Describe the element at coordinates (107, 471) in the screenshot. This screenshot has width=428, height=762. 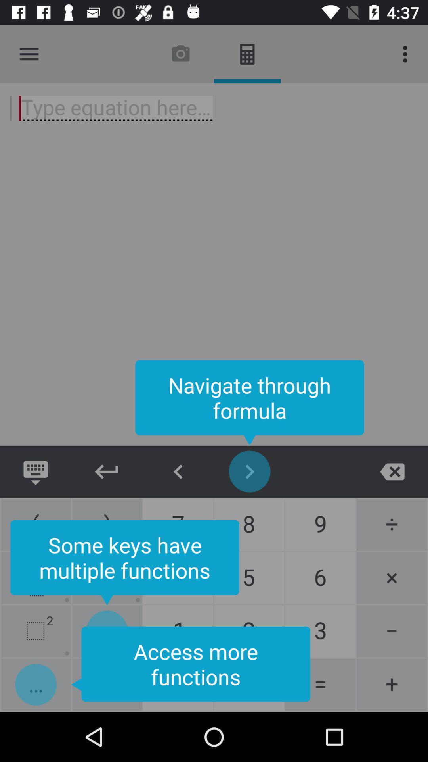
I see `hide calculator keypad` at that location.